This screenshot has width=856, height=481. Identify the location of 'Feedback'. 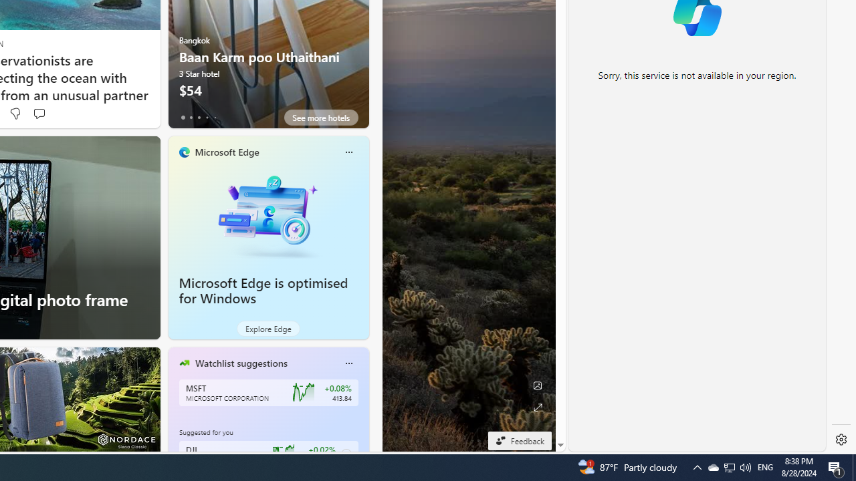
(519, 440).